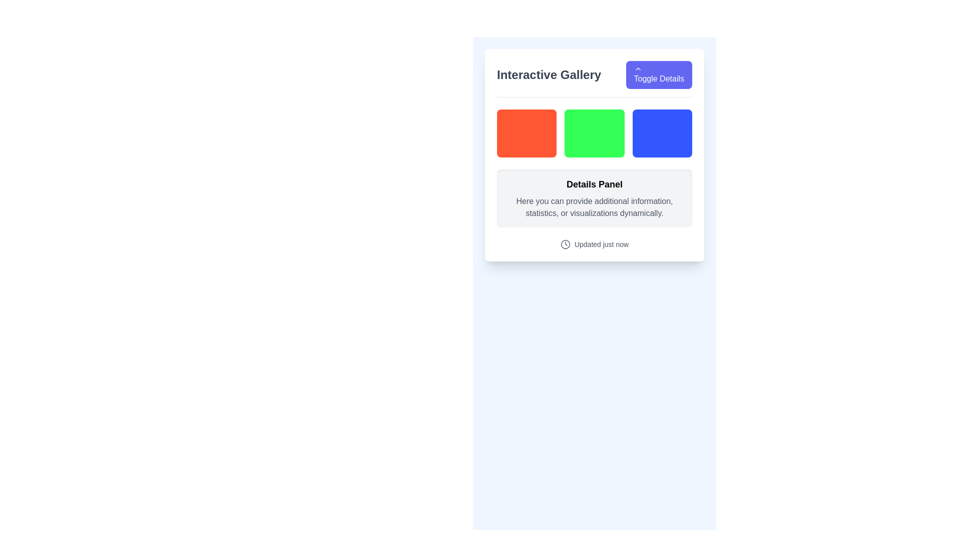 This screenshot has width=961, height=540. I want to click on informational text block located below the 'Details Panel' heading, which contains additional information, statistics, or visualizations dynamically, so click(595, 207).